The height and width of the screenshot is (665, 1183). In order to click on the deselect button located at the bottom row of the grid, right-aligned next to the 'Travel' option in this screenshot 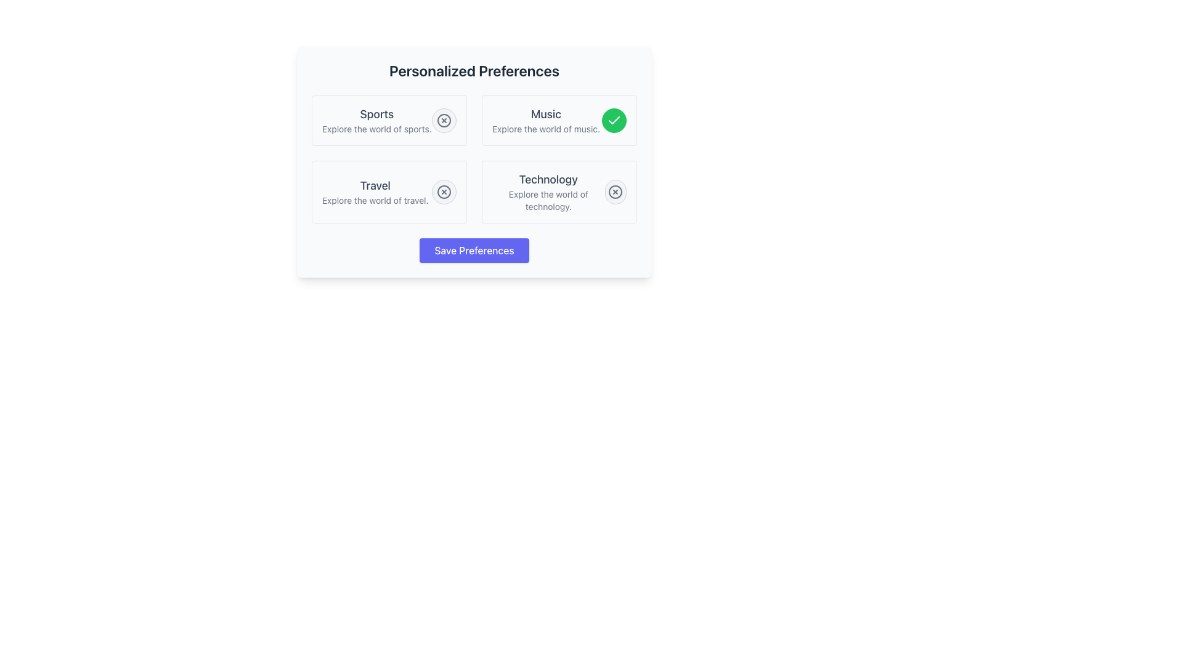, I will do `click(444, 192)`.